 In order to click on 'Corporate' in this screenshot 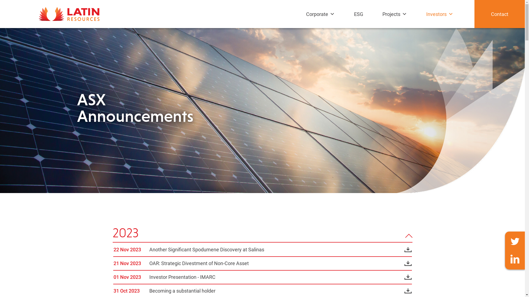, I will do `click(303, 19)`.